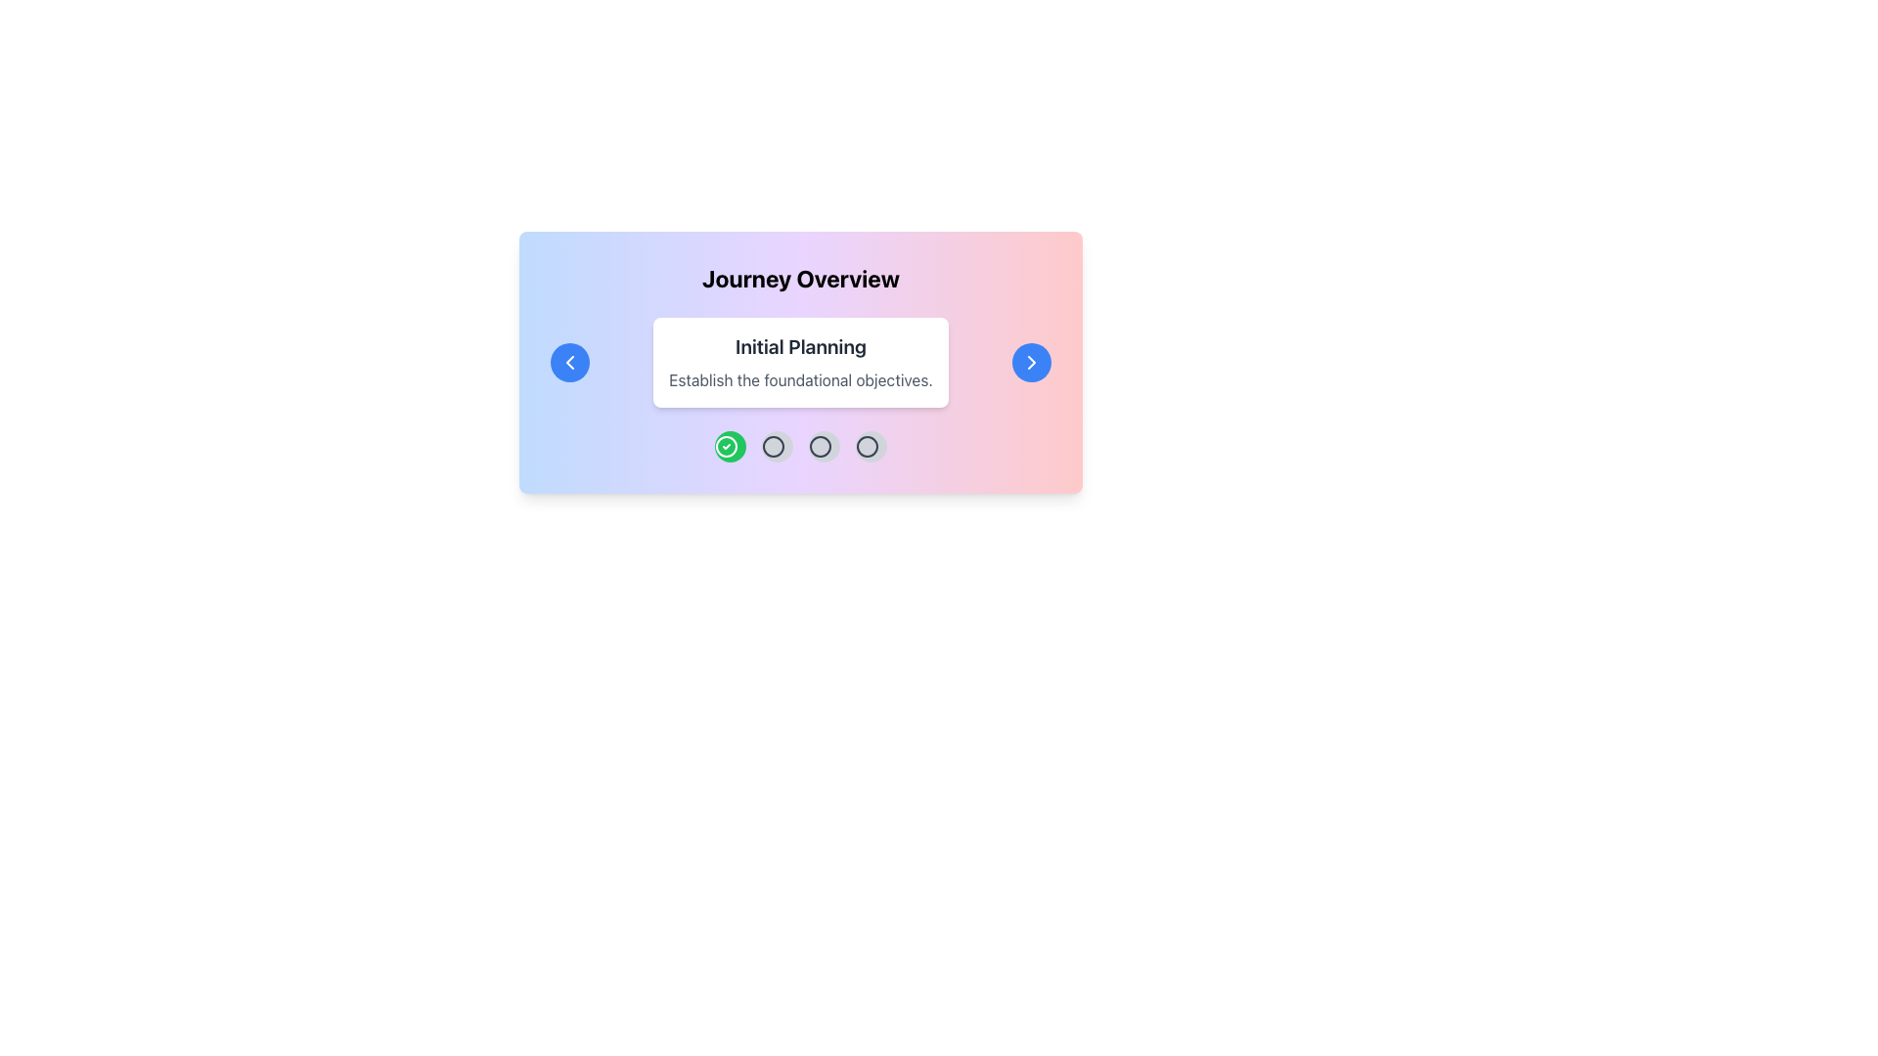 The height and width of the screenshot is (1056, 1878). Describe the element at coordinates (871, 446) in the screenshot. I see `the fourth circular button with a light gray background and dark gray border located beneath the 'Initial Planning' section` at that location.